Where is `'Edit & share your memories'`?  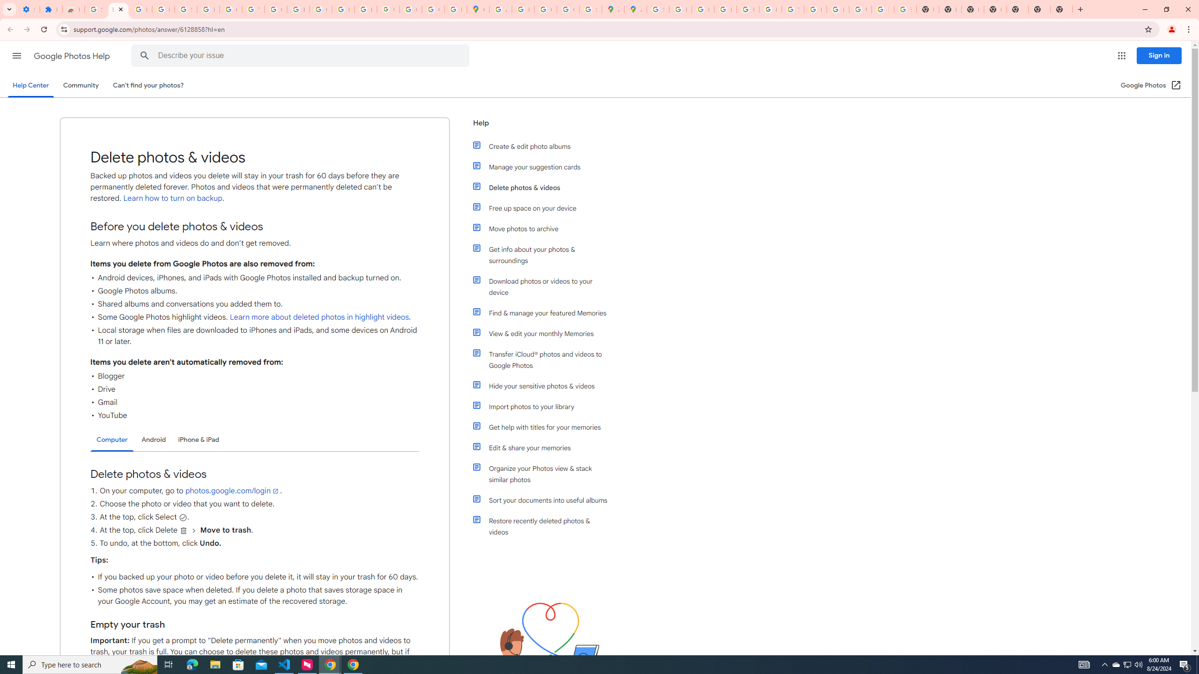
'Edit & share your memories' is located at coordinates (544, 447).